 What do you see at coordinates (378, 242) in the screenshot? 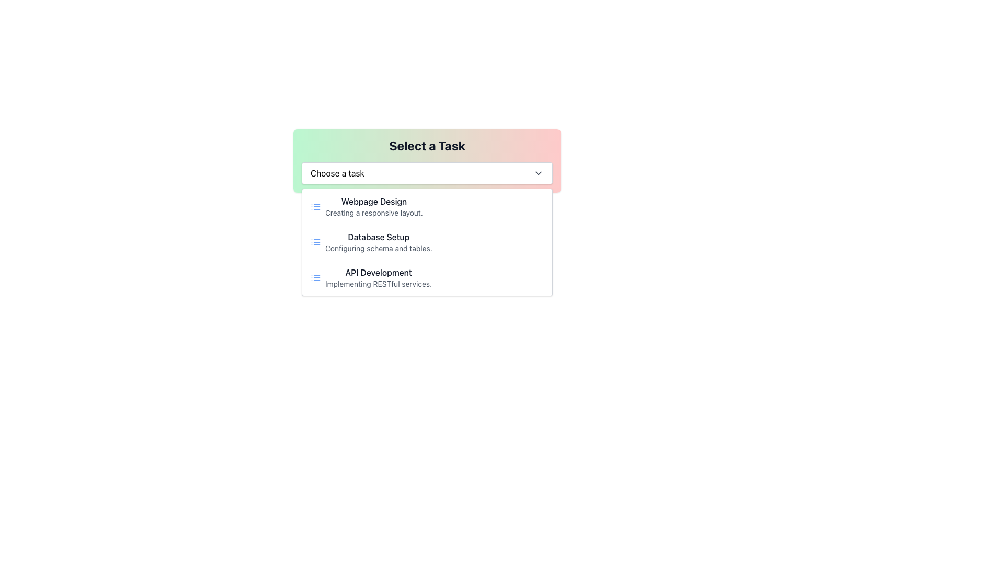
I see `the 'Database Setup' menu option` at bounding box center [378, 242].